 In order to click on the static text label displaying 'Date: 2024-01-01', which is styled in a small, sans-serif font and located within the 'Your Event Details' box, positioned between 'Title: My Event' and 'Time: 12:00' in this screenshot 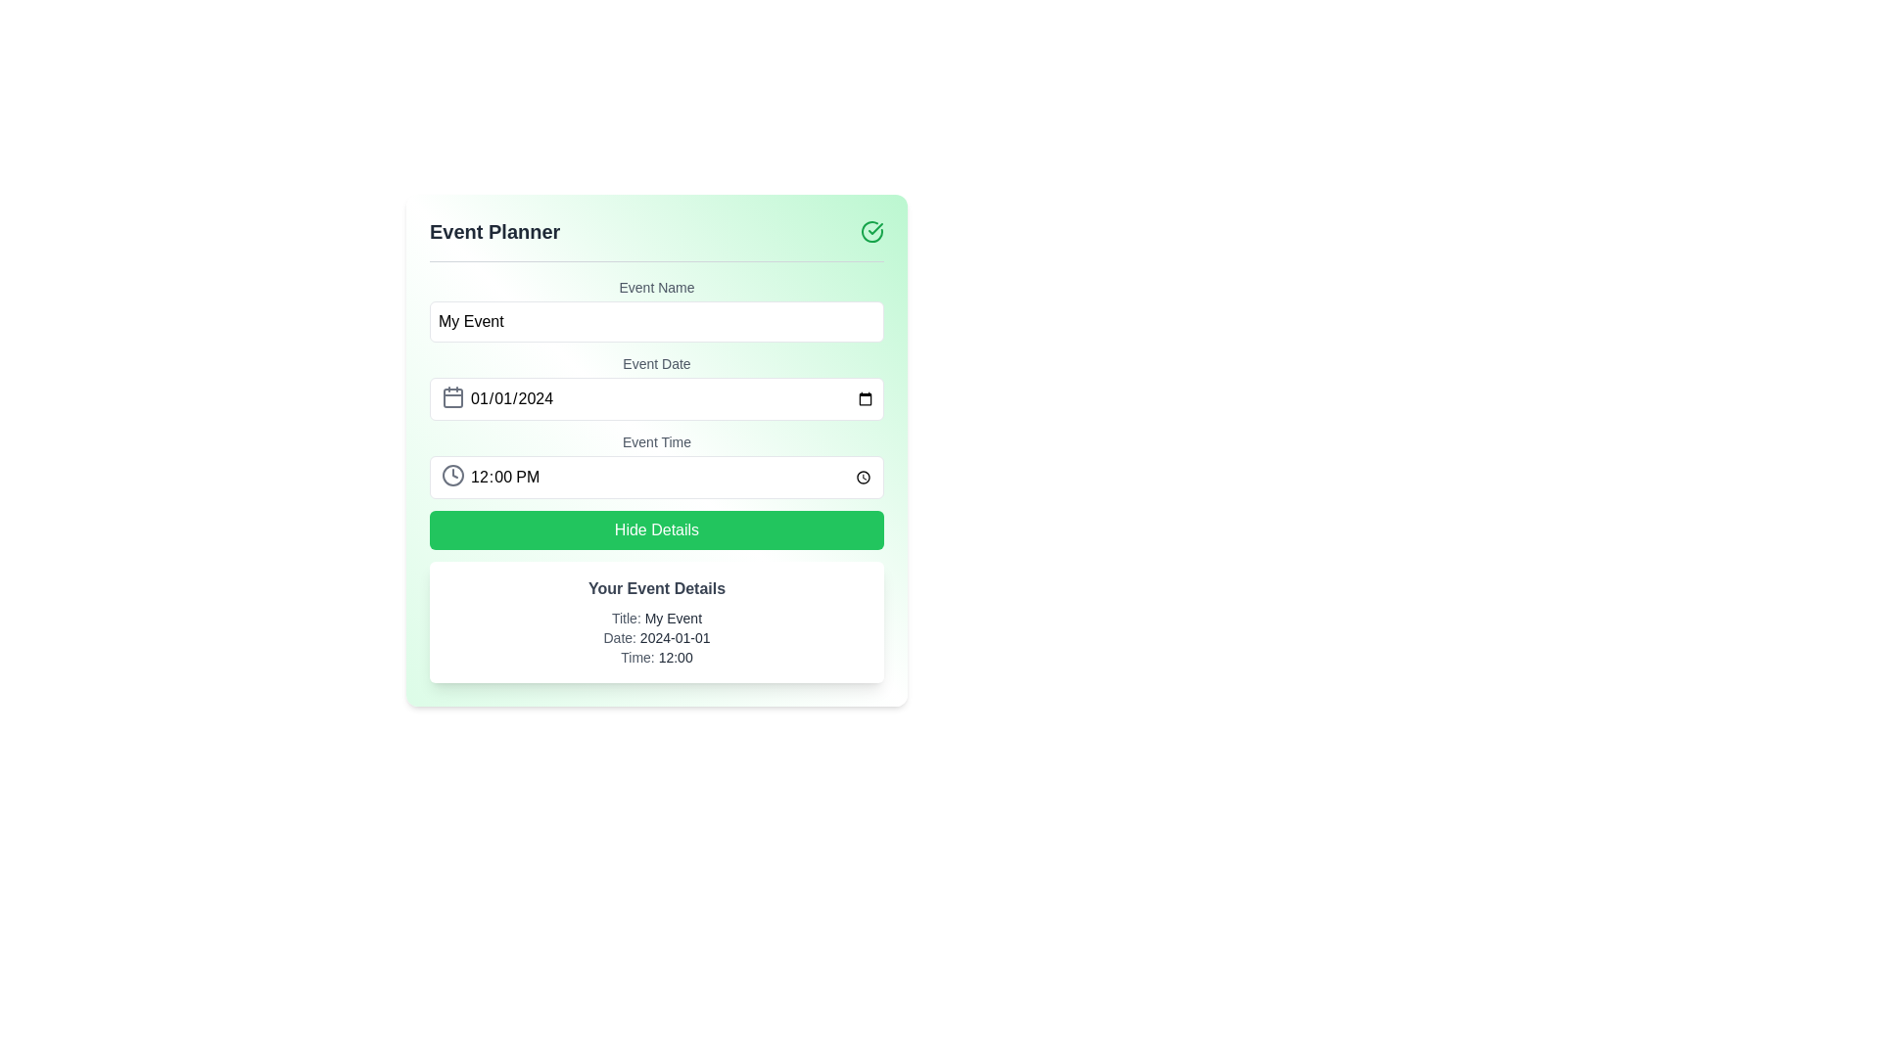, I will do `click(657, 637)`.